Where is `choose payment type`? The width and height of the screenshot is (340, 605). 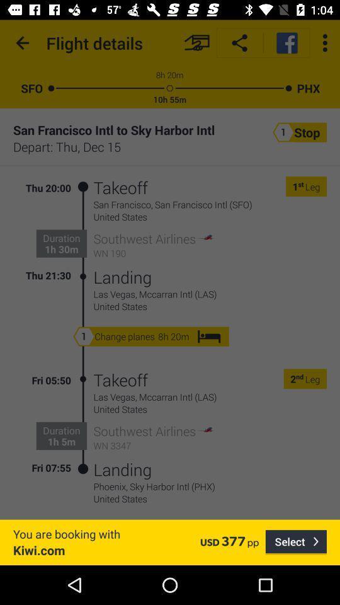
choose payment type is located at coordinates (196, 43).